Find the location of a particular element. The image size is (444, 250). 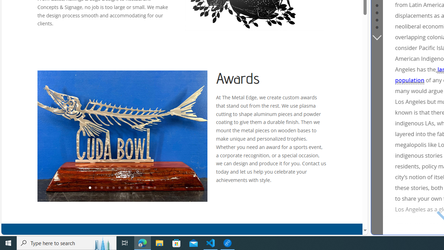

'5' is located at coordinates (113, 188).